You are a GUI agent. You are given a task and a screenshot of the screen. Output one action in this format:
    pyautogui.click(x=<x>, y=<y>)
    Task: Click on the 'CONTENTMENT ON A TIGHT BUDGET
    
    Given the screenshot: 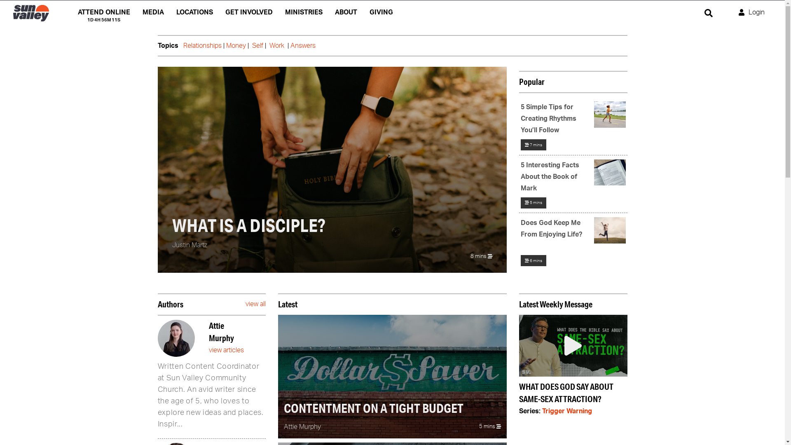 What is the action you would take?
    pyautogui.click(x=392, y=377)
    